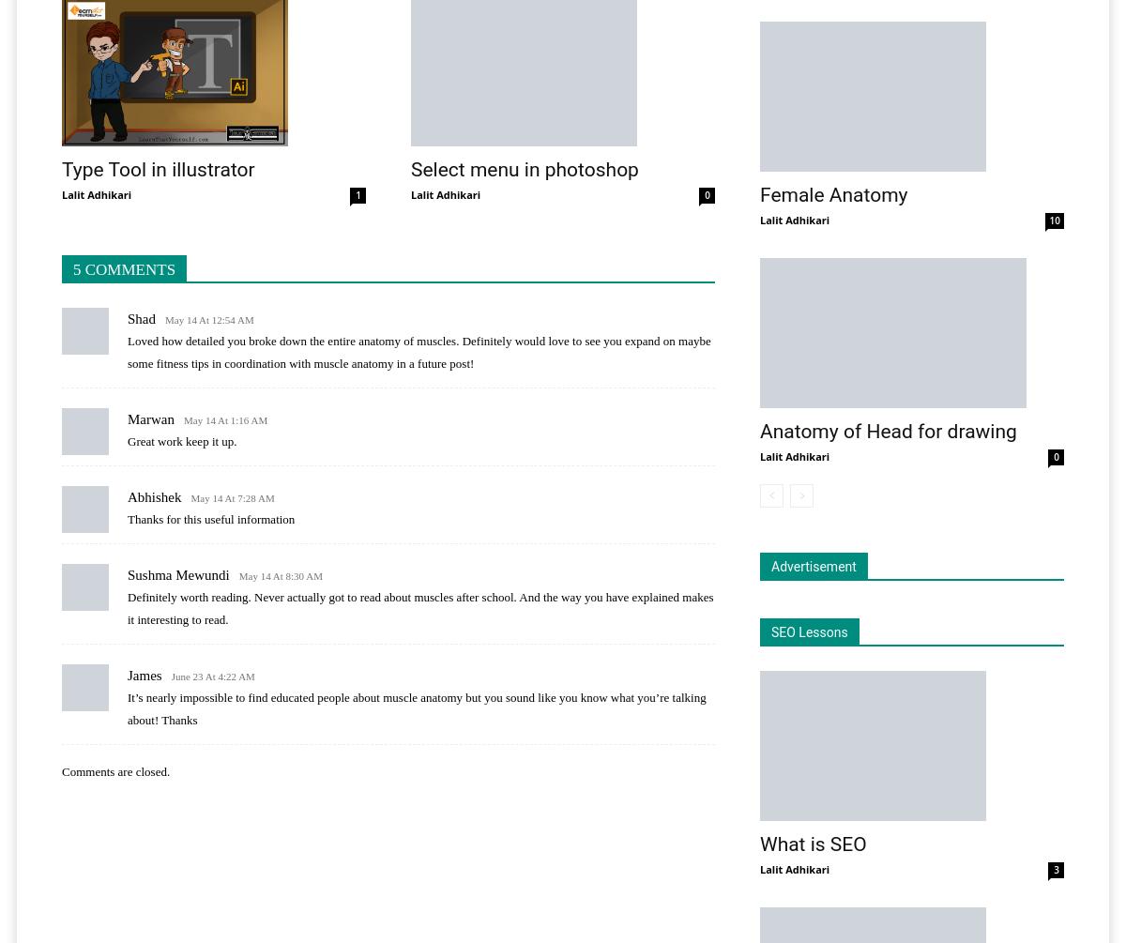  I want to click on '1', so click(358, 194).